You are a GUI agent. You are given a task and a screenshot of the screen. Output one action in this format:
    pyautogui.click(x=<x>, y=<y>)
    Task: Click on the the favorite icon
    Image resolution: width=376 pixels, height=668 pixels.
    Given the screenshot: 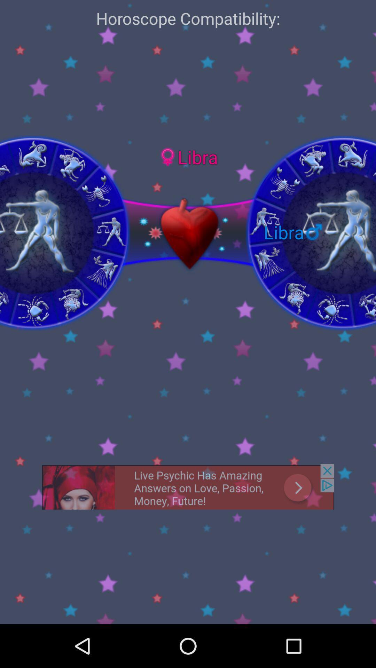 What is the action you would take?
    pyautogui.click(x=187, y=249)
    